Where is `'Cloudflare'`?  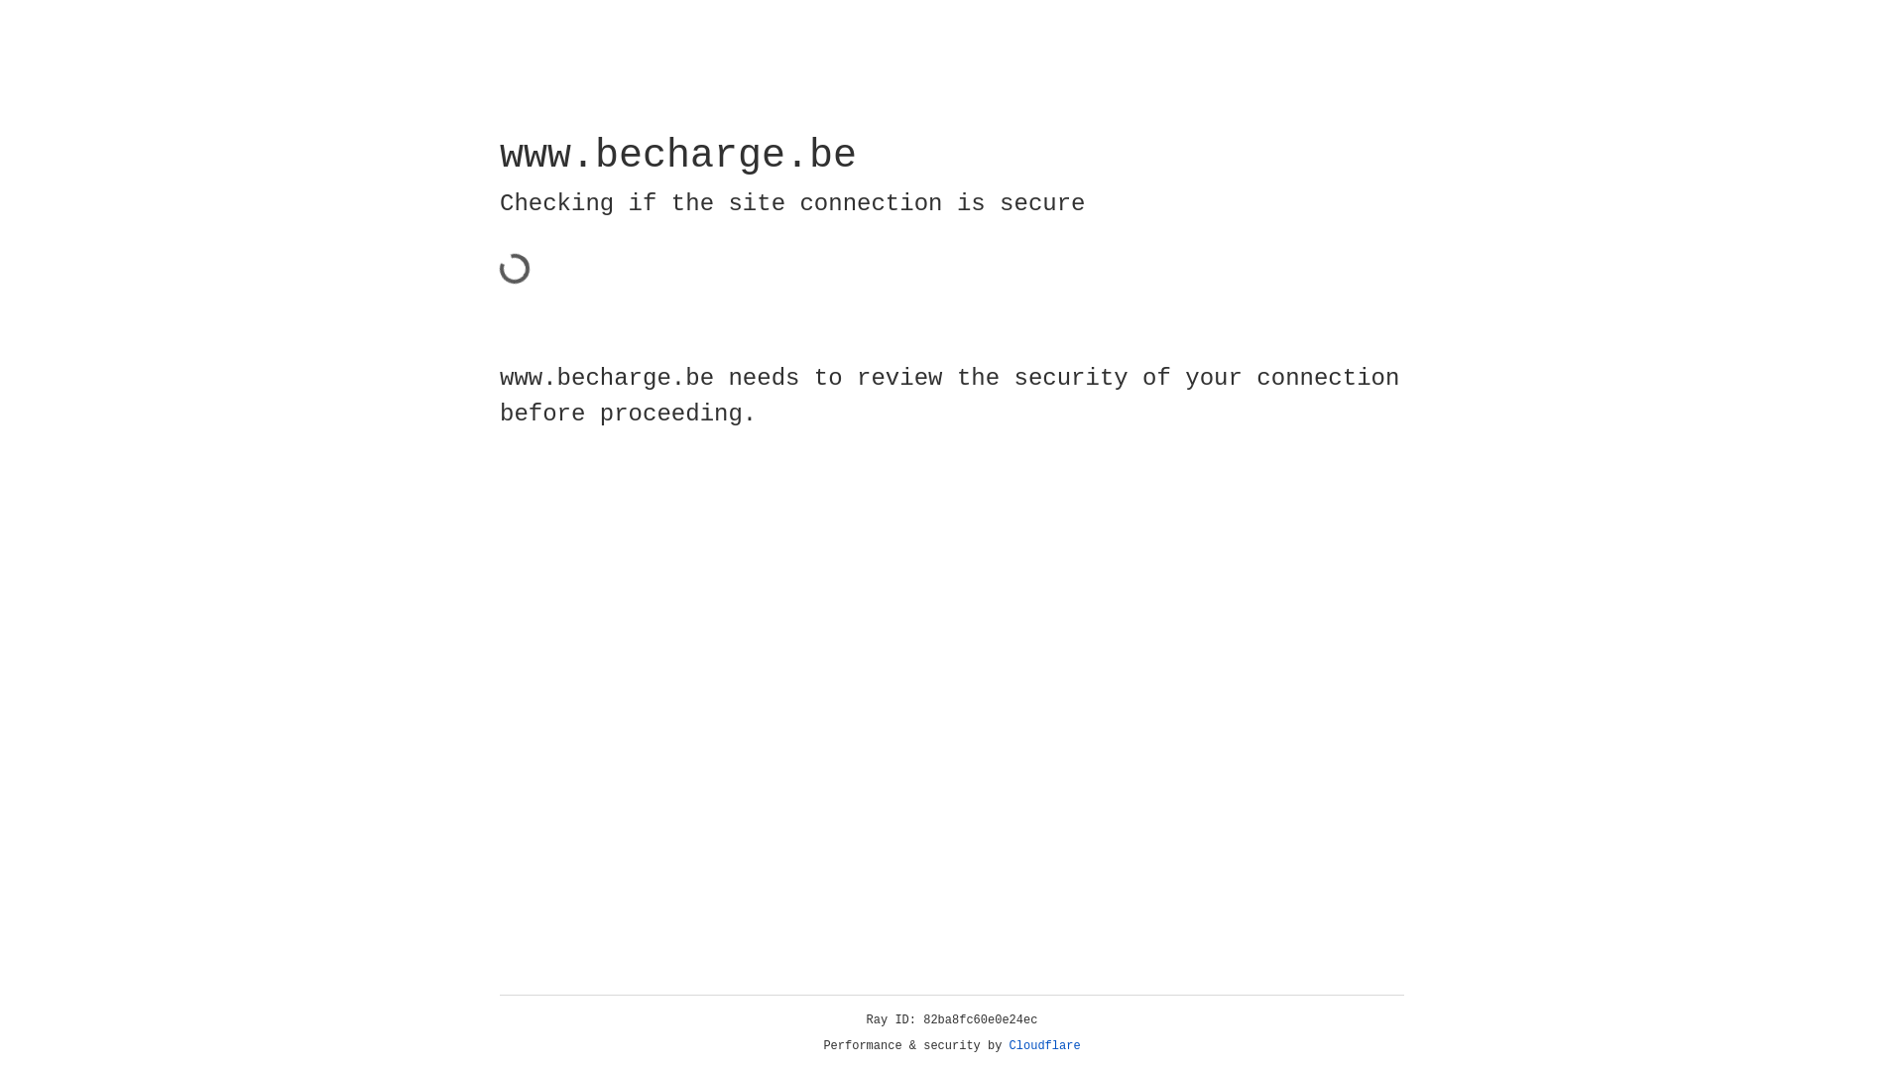 'Cloudflare' is located at coordinates (1044, 1045).